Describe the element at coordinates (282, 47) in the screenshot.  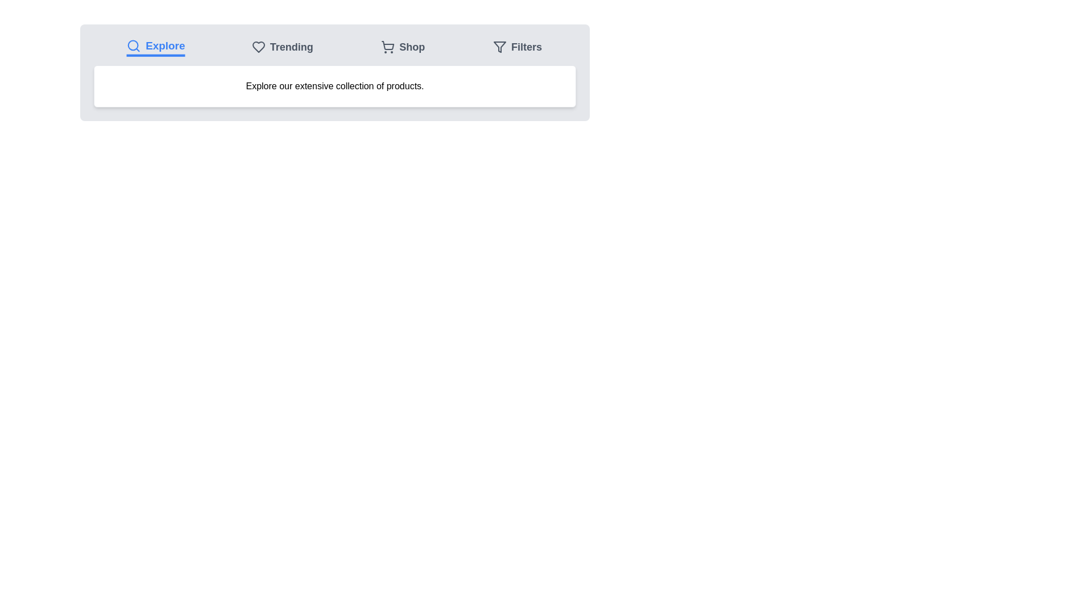
I see `the tab labeled 'Trending' to navigate to its content` at that location.